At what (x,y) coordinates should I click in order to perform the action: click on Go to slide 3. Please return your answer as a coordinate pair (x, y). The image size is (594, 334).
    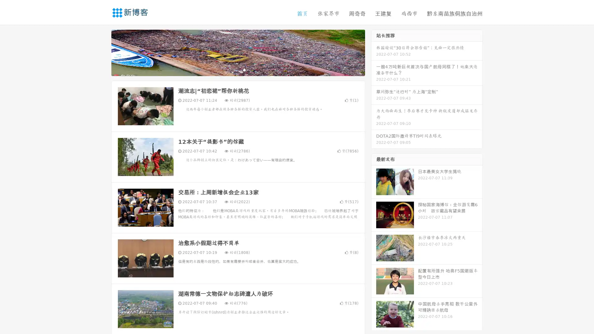
    Looking at the image, I should click on (244, 70).